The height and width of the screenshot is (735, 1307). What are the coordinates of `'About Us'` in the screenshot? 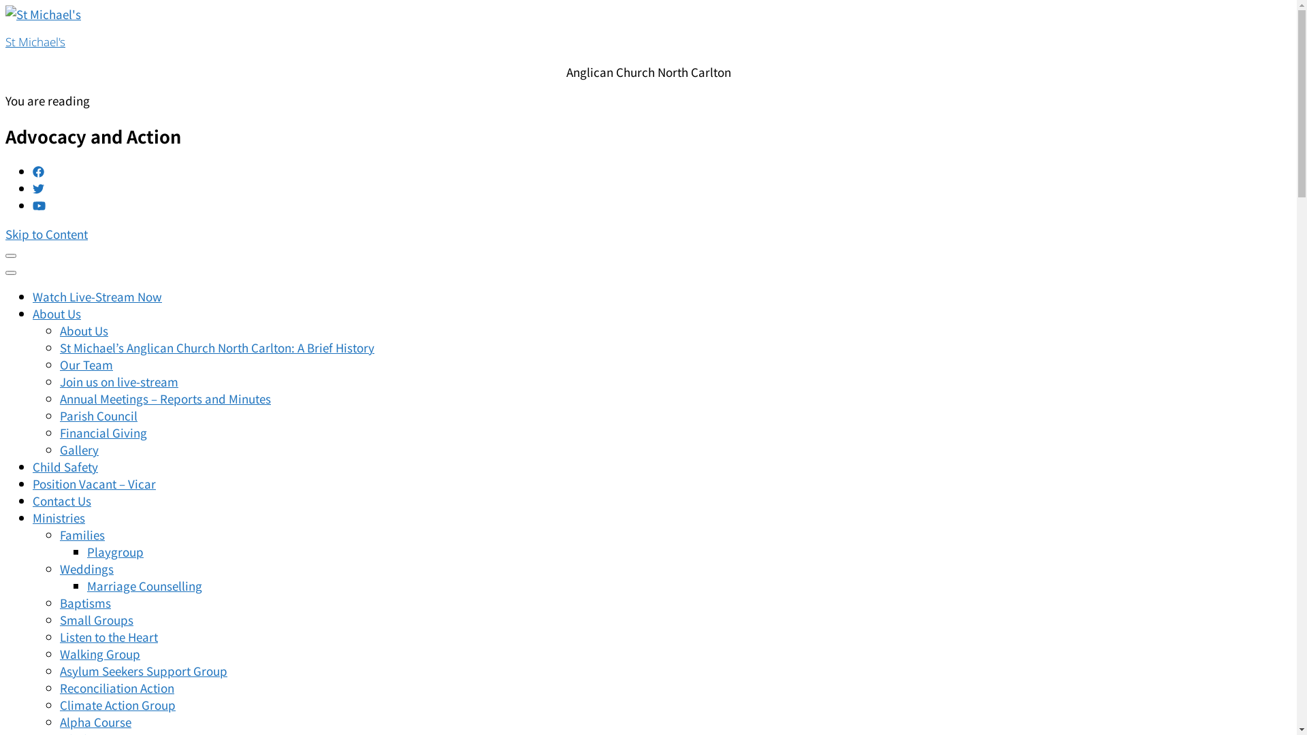 It's located at (83, 330).